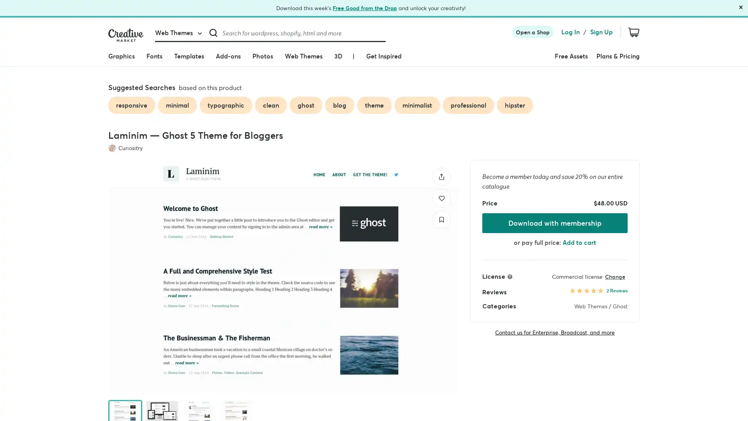 The height and width of the screenshot is (421, 748). I want to click on Save to collection, so click(441, 219).